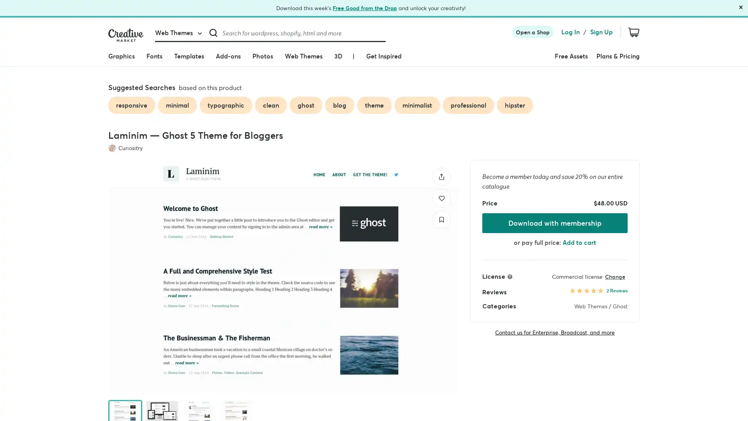 The height and width of the screenshot is (421, 748). I want to click on Save to collection, so click(441, 219).